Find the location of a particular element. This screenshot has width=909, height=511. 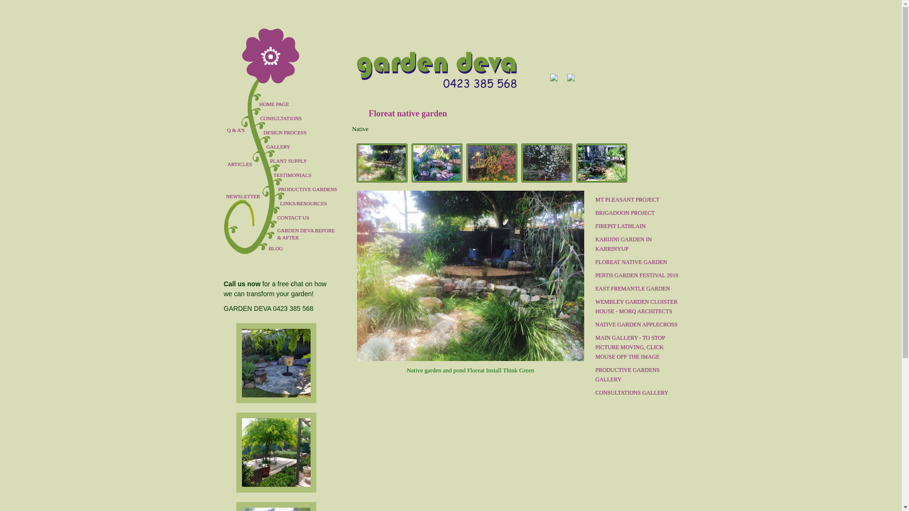

'BLOG' is located at coordinates (309, 247).